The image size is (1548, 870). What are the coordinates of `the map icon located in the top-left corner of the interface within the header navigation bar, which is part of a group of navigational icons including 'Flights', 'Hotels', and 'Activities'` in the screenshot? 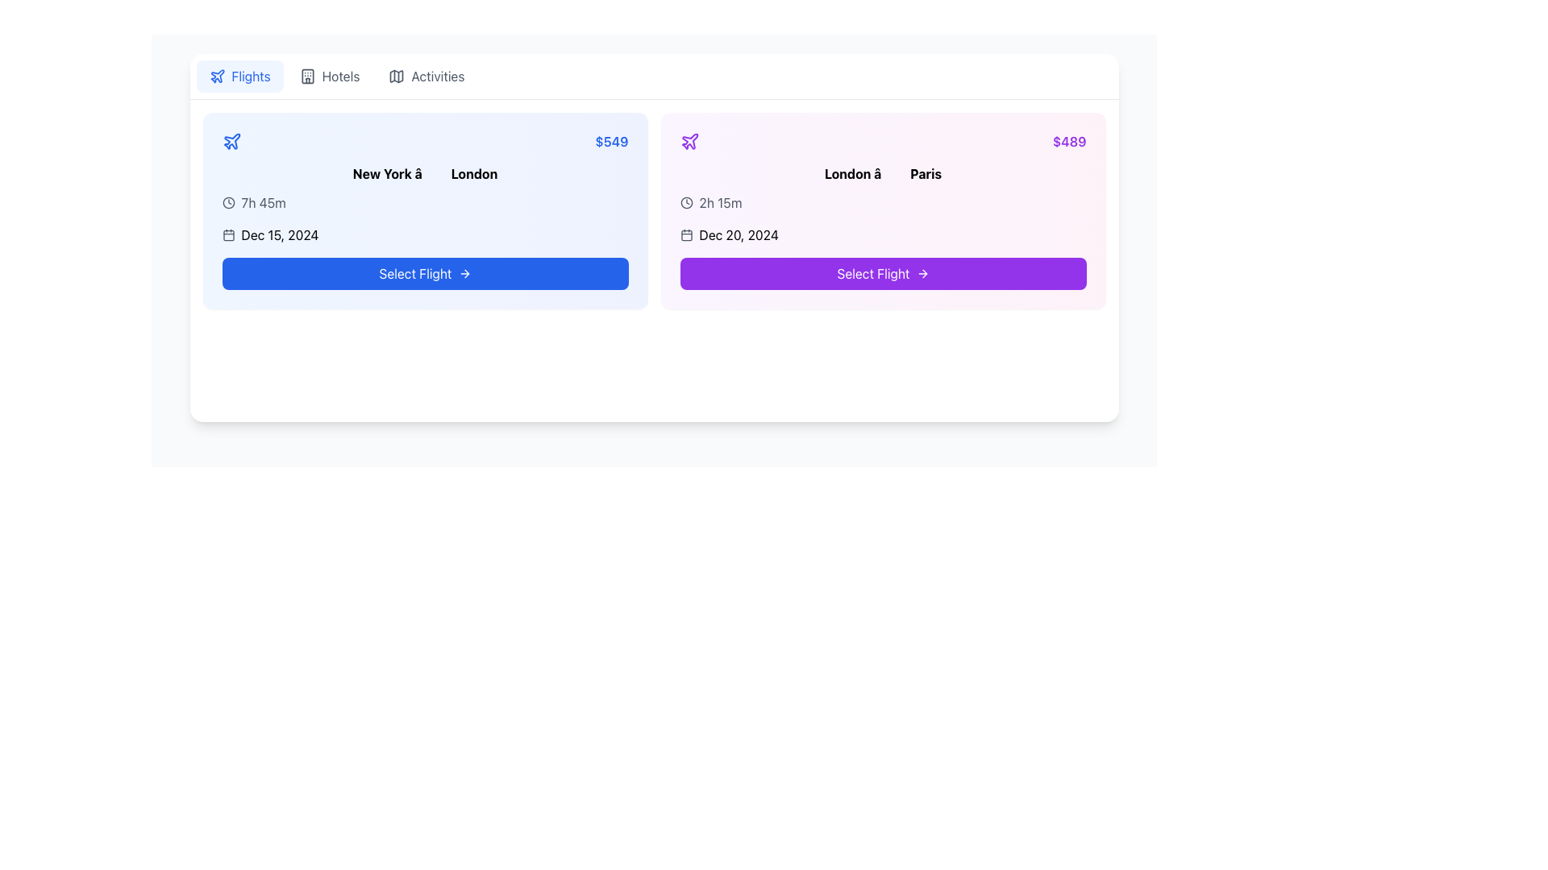 It's located at (397, 77).